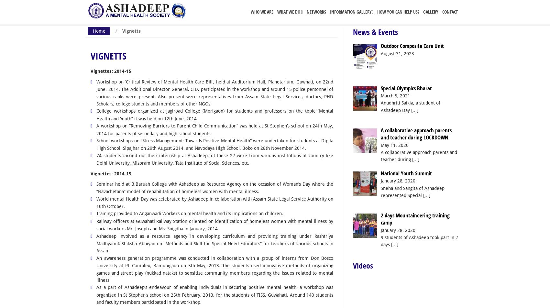 The width and height of the screenshot is (550, 308). Describe the element at coordinates (250, 12) in the screenshot. I see `'Who we Are'` at that location.